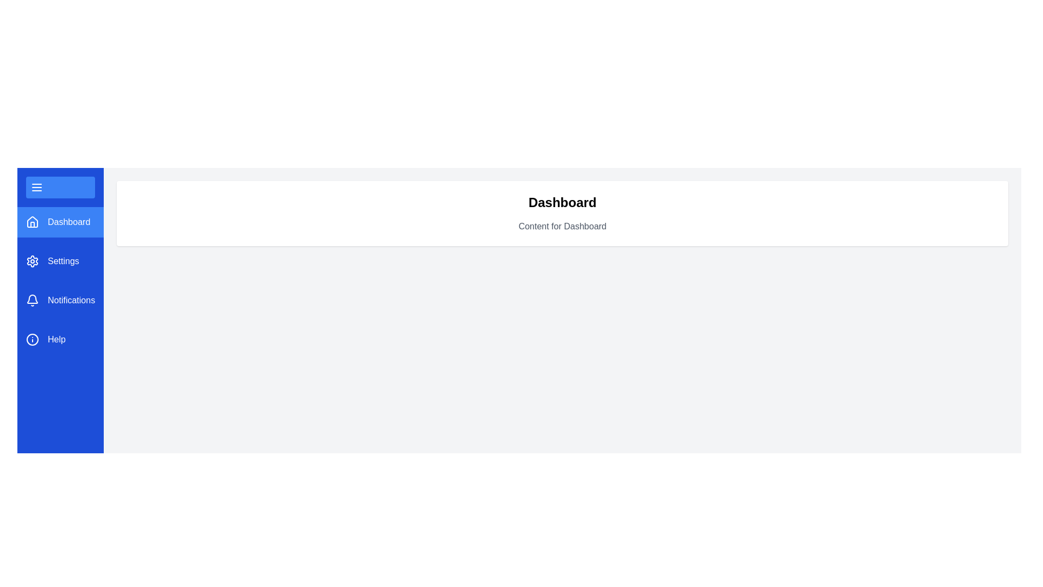 The width and height of the screenshot is (1043, 587). I want to click on the 'Notifications' text label in the blue rectangular sidebar to trigger the tooltip or visual response, so click(71, 300).